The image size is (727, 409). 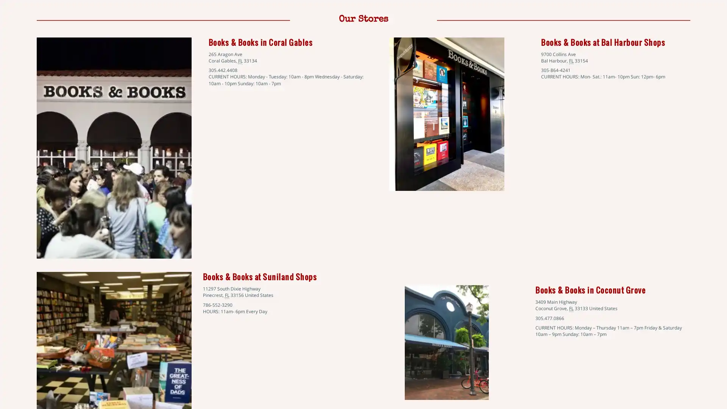 What do you see at coordinates (42, 103) in the screenshot?
I see `Search Books` at bounding box center [42, 103].